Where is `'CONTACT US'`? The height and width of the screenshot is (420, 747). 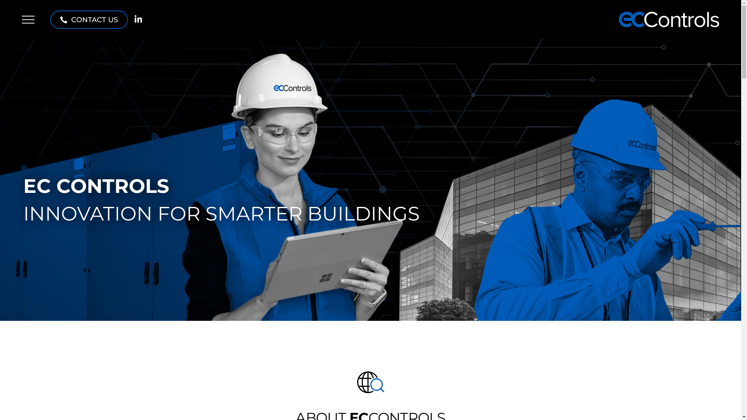 'CONTACT US' is located at coordinates (89, 19).